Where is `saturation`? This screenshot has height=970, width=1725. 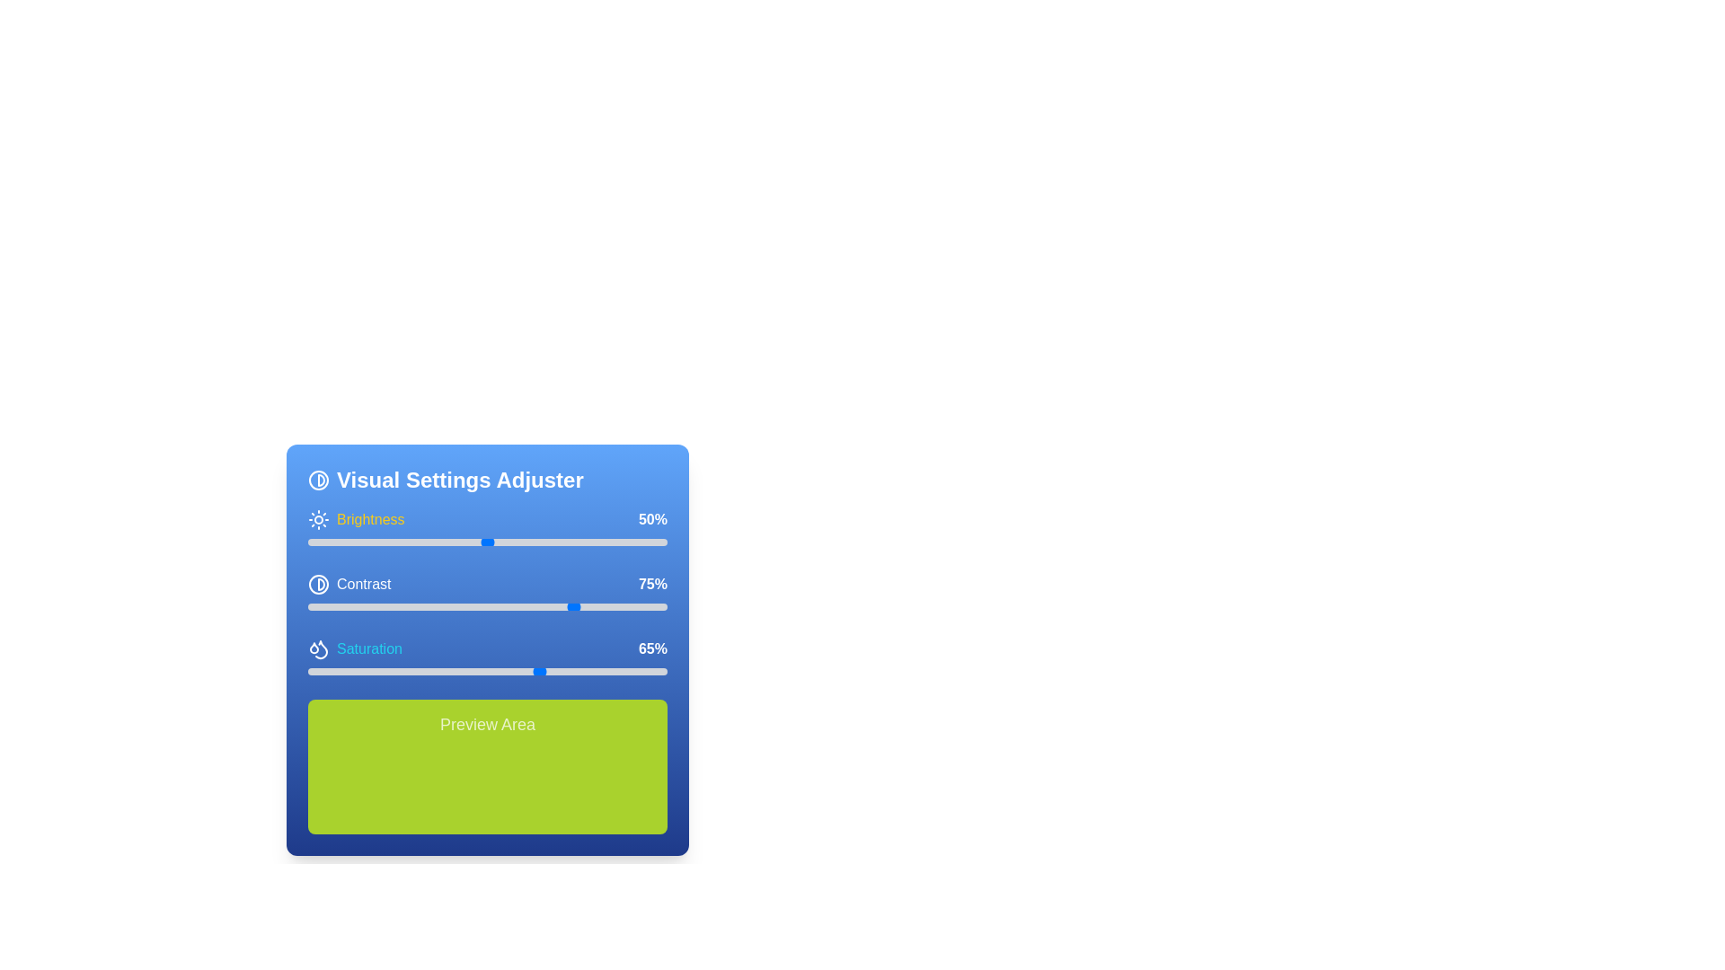 saturation is located at coordinates (651, 672).